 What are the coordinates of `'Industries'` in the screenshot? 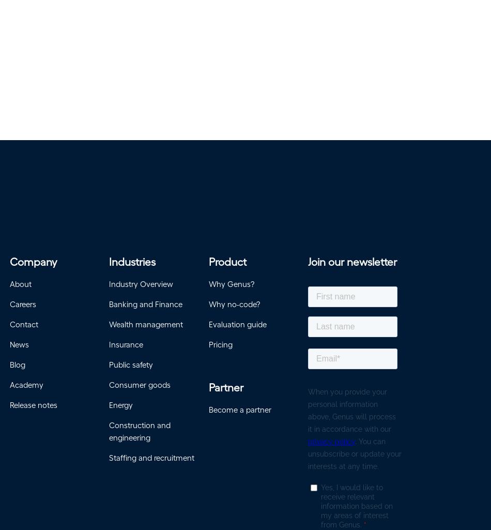 It's located at (132, 265).